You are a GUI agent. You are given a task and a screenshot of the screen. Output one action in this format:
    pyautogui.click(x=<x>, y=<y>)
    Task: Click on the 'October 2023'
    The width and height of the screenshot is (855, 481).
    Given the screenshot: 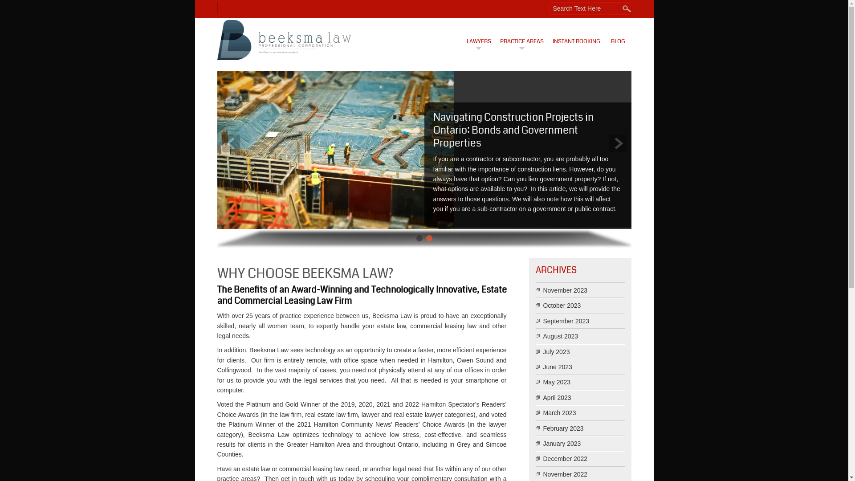 What is the action you would take?
    pyautogui.click(x=562, y=305)
    